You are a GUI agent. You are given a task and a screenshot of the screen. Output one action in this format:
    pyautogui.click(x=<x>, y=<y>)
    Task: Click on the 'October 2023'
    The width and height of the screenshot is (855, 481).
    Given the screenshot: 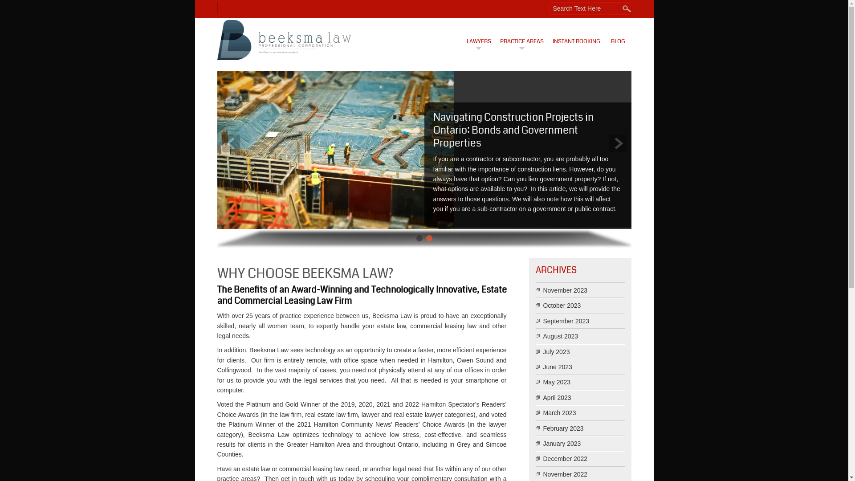 What is the action you would take?
    pyautogui.click(x=562, y=305)
    